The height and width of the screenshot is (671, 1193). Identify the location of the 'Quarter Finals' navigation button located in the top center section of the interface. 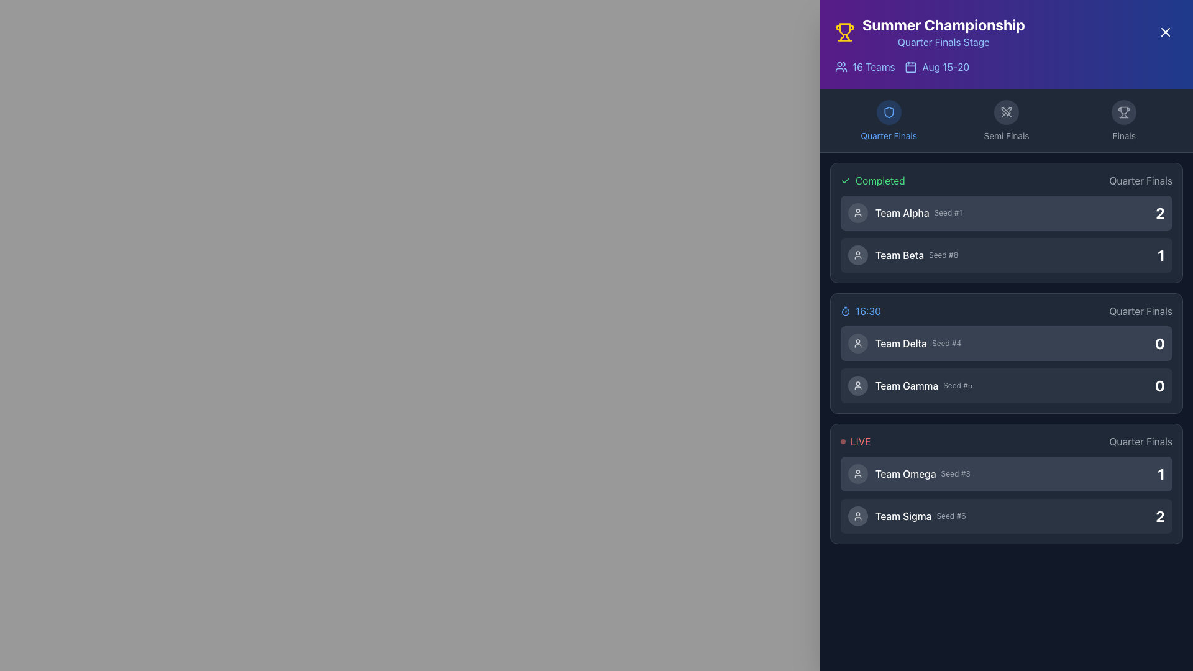
(888, 112).